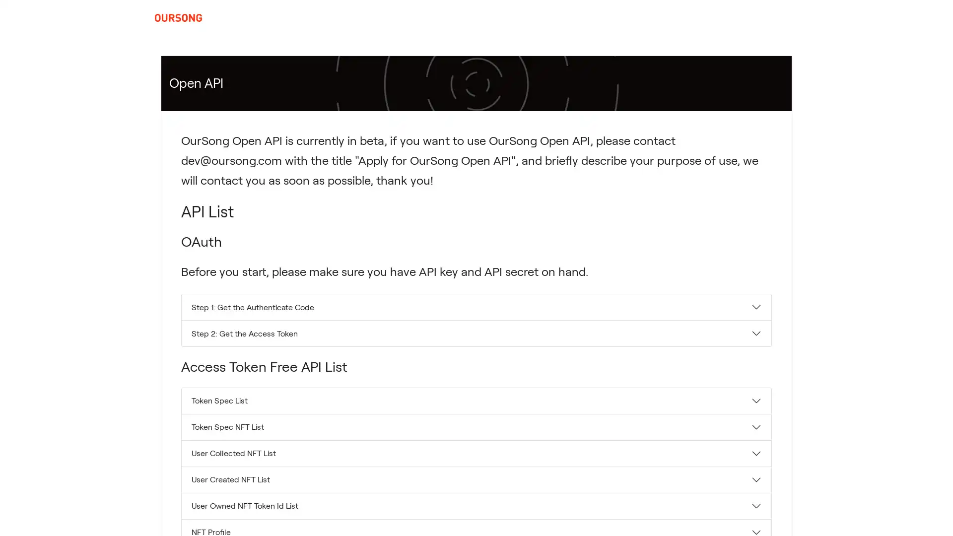  Describe the element at coordinates (476, 400) in the screenshot. I see `Token Spec List` at that location.